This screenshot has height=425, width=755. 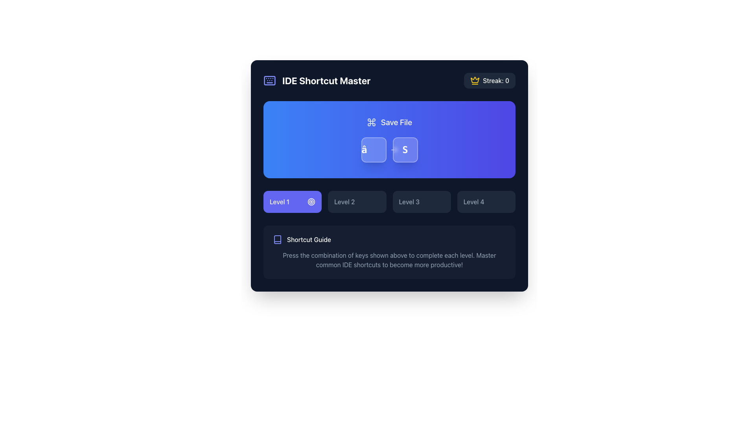 I want to click on the visual representation of the indigo-colored SVG Book Icon located near the top-left corner of the main interface, adjacent to the title text 'IDE Shortcut Master', so click(x=277, y=239).